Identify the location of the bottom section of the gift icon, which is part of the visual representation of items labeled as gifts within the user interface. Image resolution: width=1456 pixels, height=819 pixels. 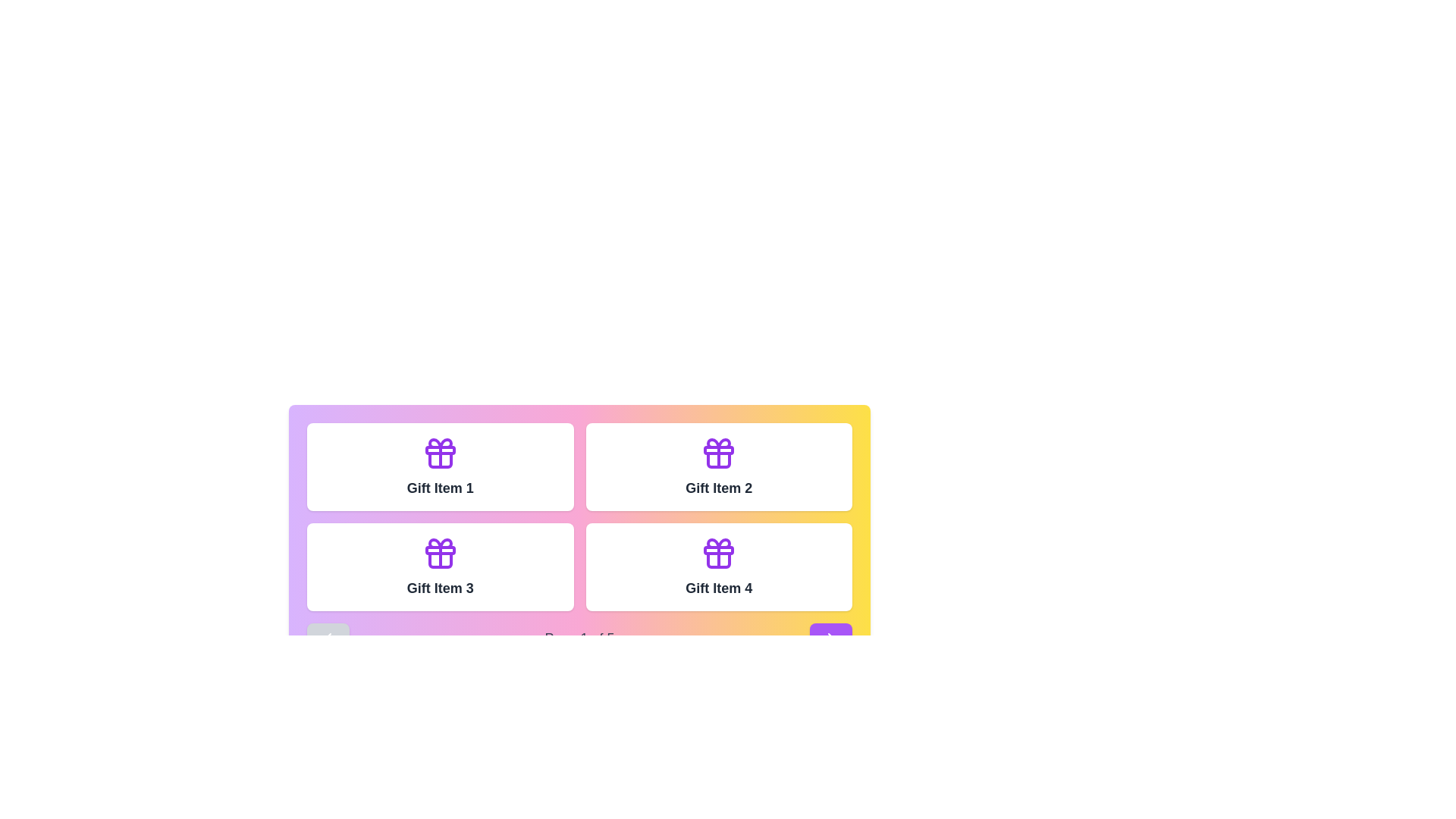
(718, 459).